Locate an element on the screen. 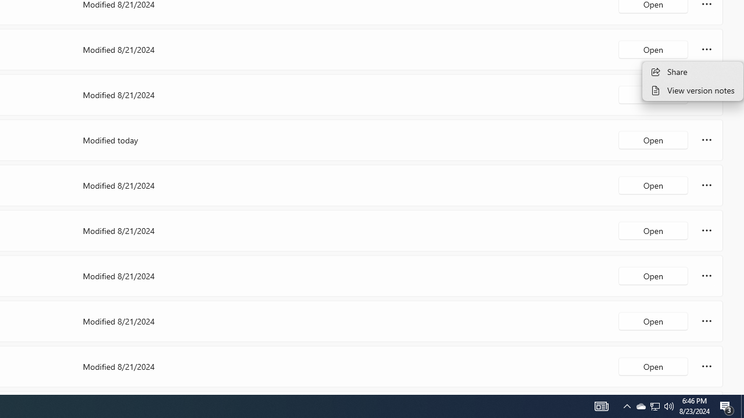 This screenshot has width=744, height=418. 'Vertical Small Increase' is located at coordinates (739, 390).